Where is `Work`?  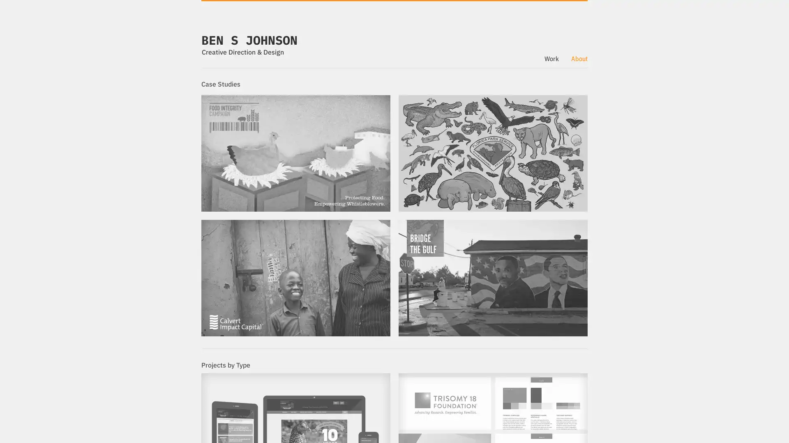
Work is located at coordinates (551, 58).